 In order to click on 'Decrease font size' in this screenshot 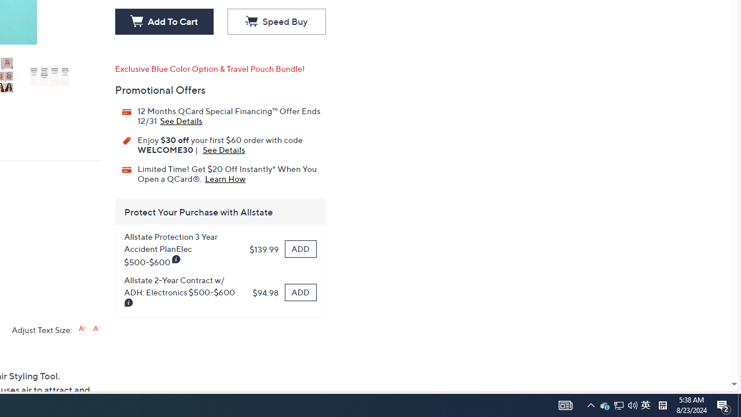, I will do `click(97, 328)`.